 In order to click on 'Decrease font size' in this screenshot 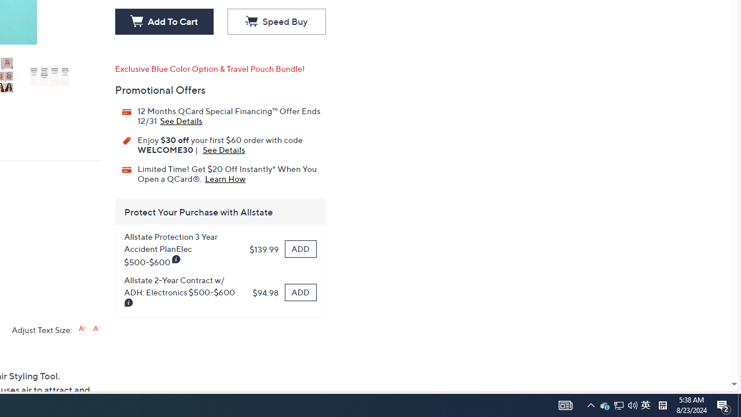, I will do `click(97, 328)`.